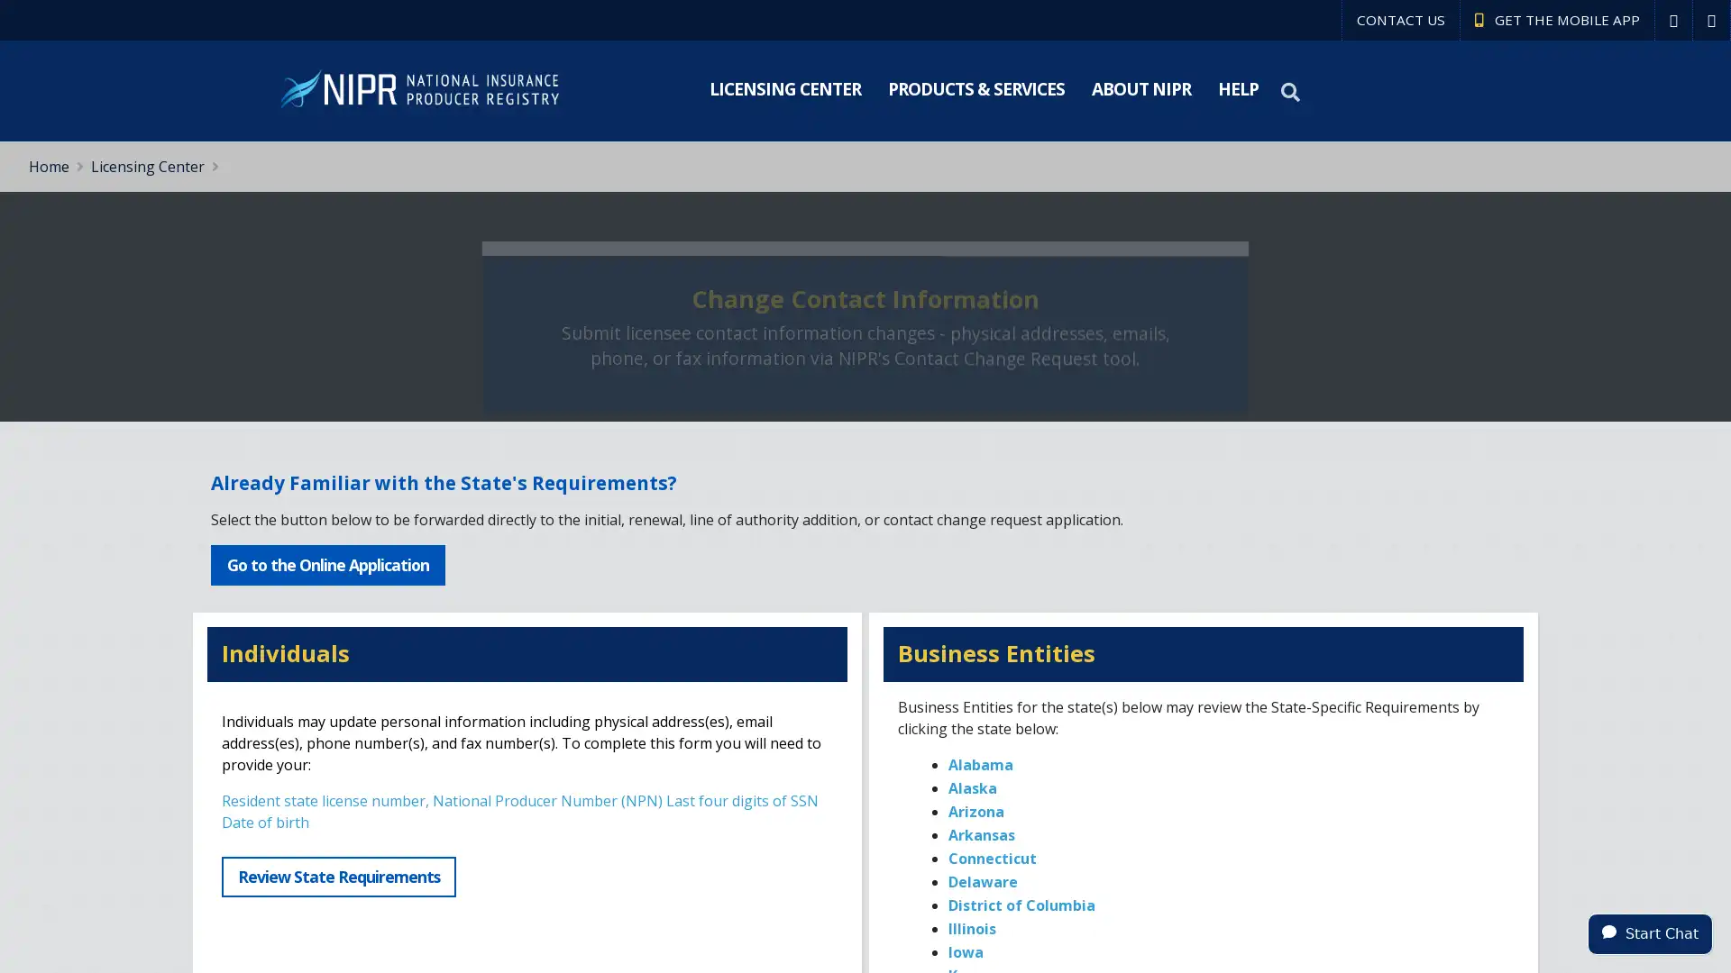 The image size is (1731, 973). Describe the element at coordinates (1650, 932) in the screenshot. I see `Start Chat` at that location.